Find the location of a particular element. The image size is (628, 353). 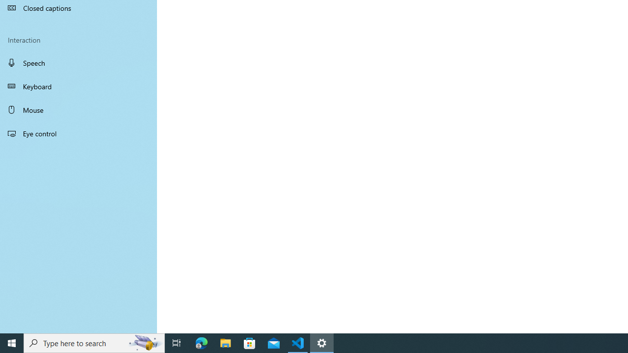

'Settings - 1 running window' is located at coordinates (322, 342).